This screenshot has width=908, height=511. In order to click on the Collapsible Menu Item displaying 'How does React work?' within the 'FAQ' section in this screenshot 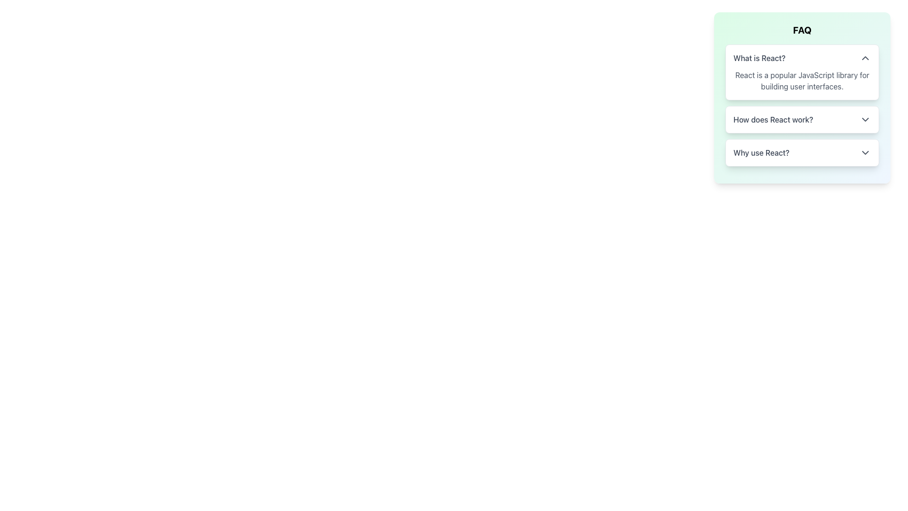, I will do `click(802, 119)`.